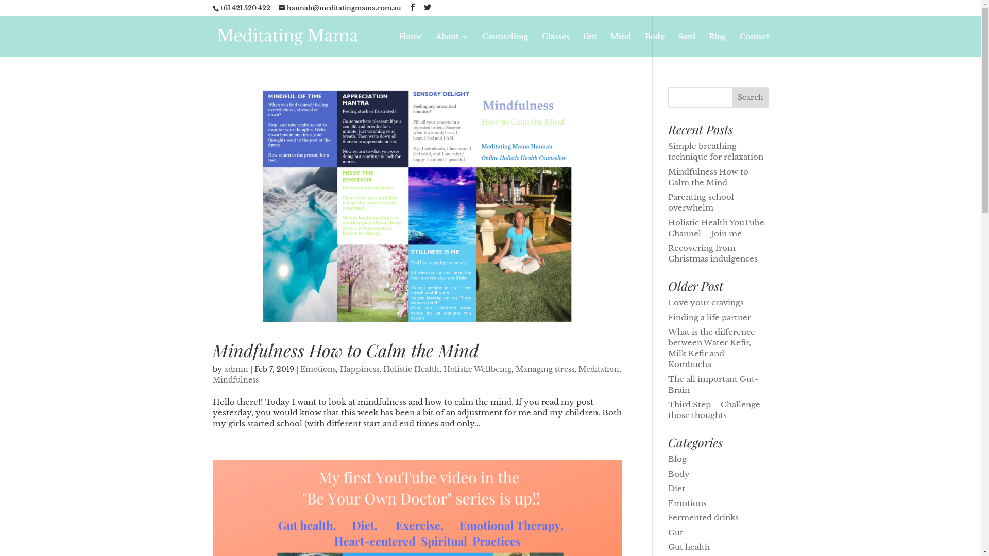  Describe the element at coordinates (676, 488) in the screenshot. I see `'Diet'` at that location.